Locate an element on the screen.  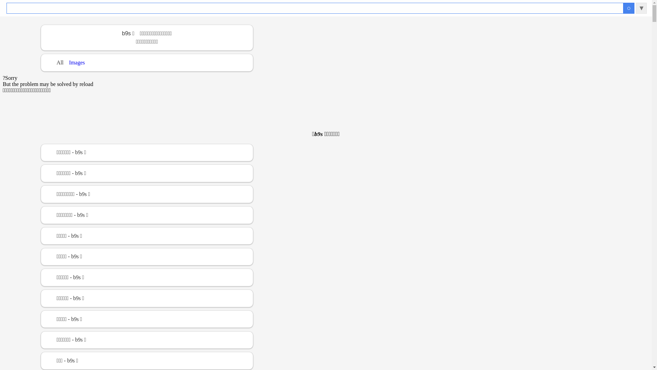
'Images' is located at coordinates (77, 62).